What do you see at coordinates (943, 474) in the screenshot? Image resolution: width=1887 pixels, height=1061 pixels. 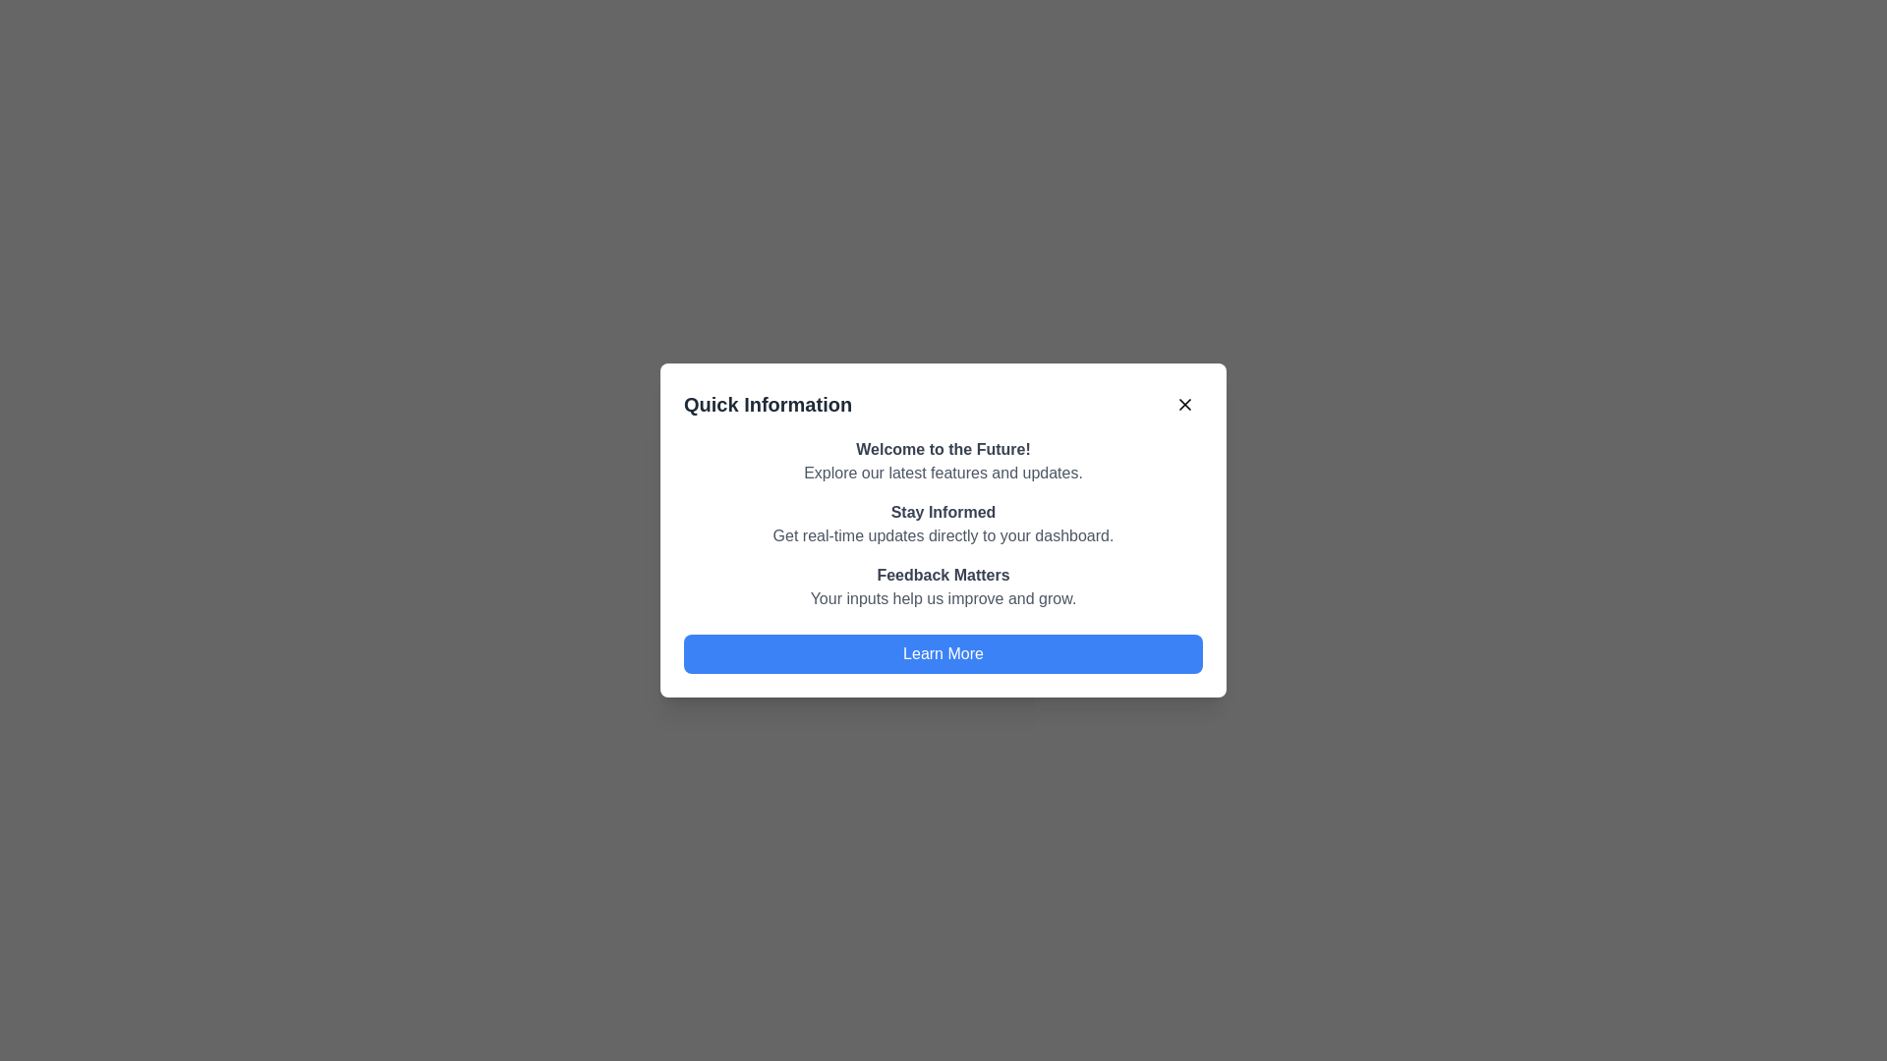 I see `the line of gray text reading 'Explore our latest features and updates.' which is positioned directly beneath the bold heading 'Welcome to the Future!' in the dialog box` at bounding box center [943, 474].